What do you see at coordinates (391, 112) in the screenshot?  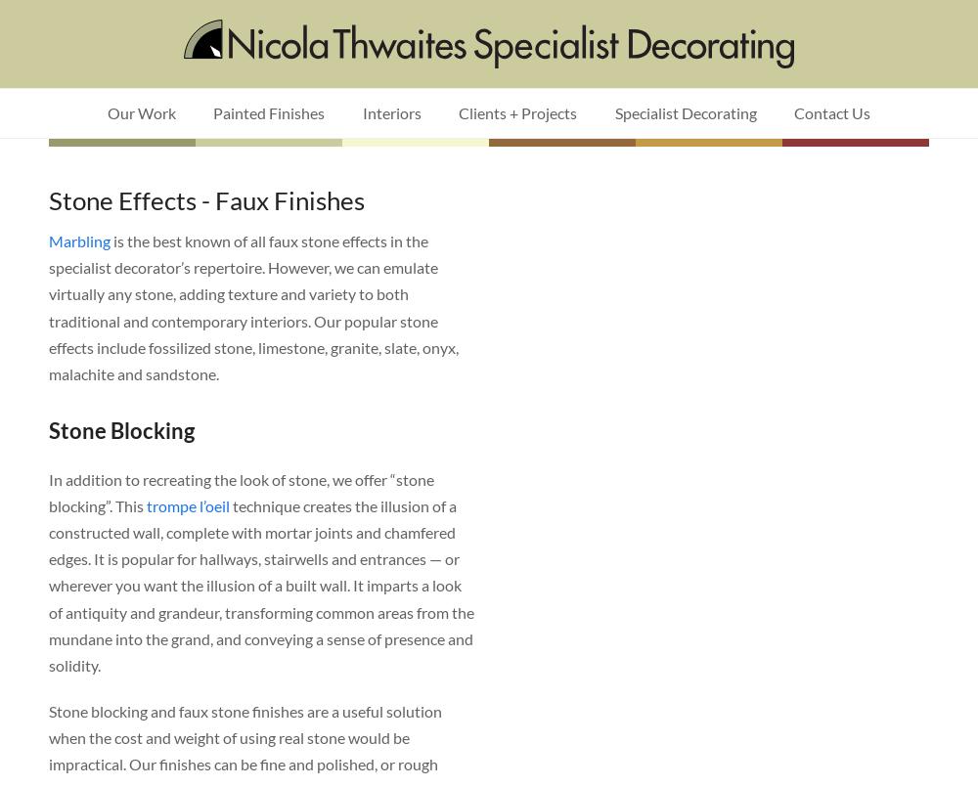 I see `'Interiors'` at bounding box center [391, 112].